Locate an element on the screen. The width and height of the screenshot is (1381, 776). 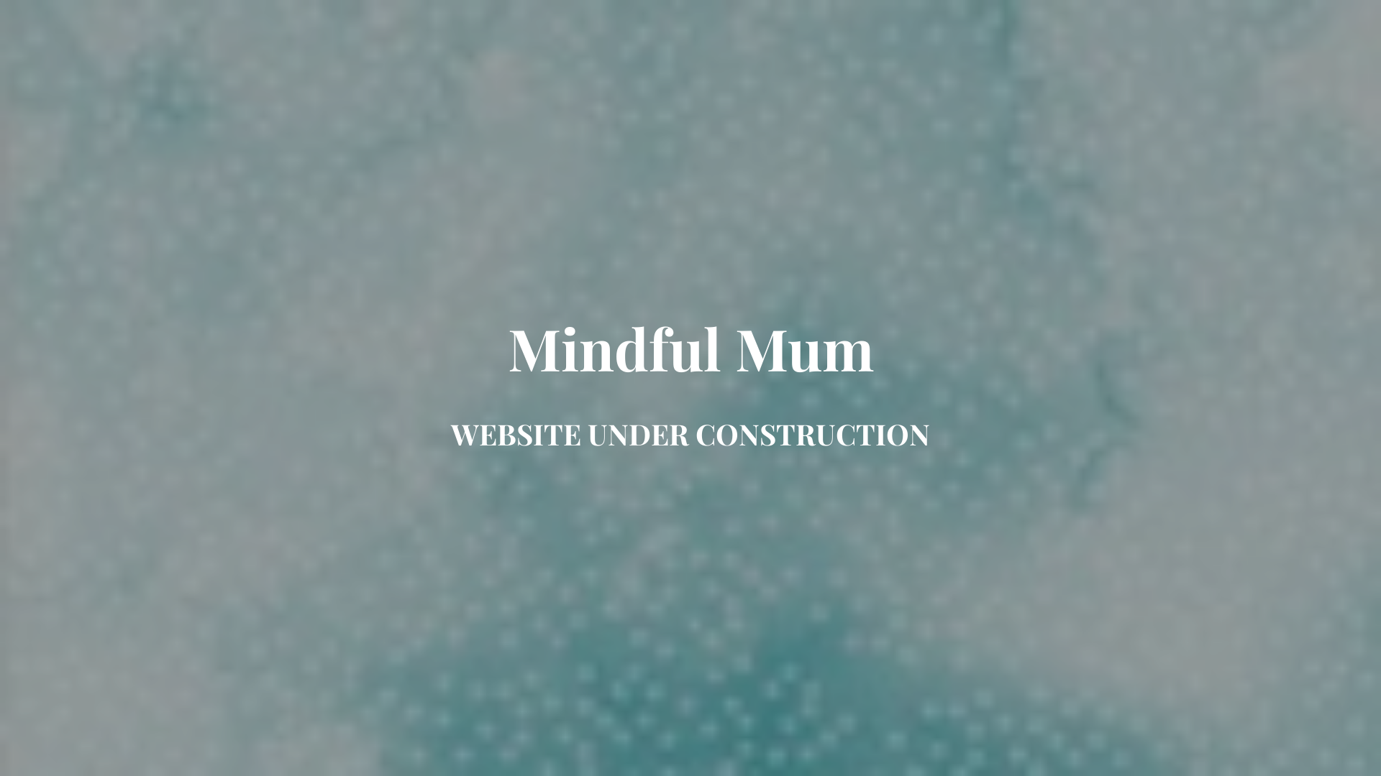
'Mindful Mum' is located at coordinates (690, 360).